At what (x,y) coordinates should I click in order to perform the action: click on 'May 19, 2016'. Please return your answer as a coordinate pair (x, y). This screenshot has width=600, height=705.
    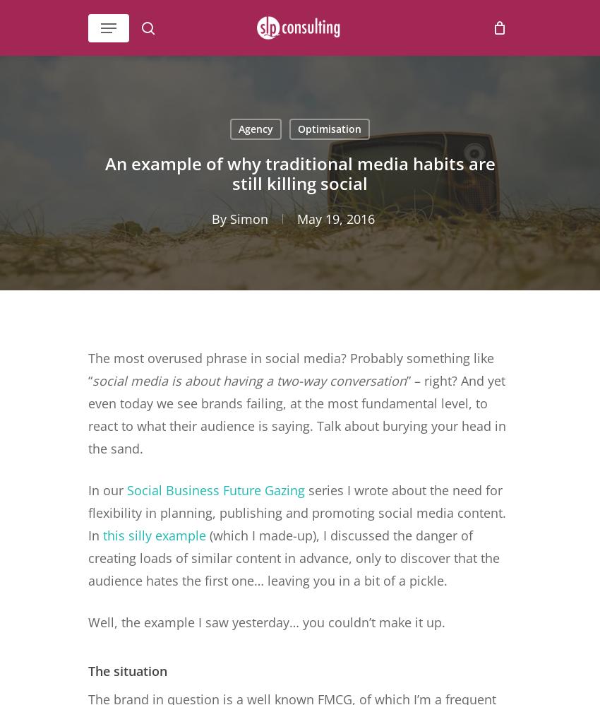
    Looking at the image, I should click on (335, 218).